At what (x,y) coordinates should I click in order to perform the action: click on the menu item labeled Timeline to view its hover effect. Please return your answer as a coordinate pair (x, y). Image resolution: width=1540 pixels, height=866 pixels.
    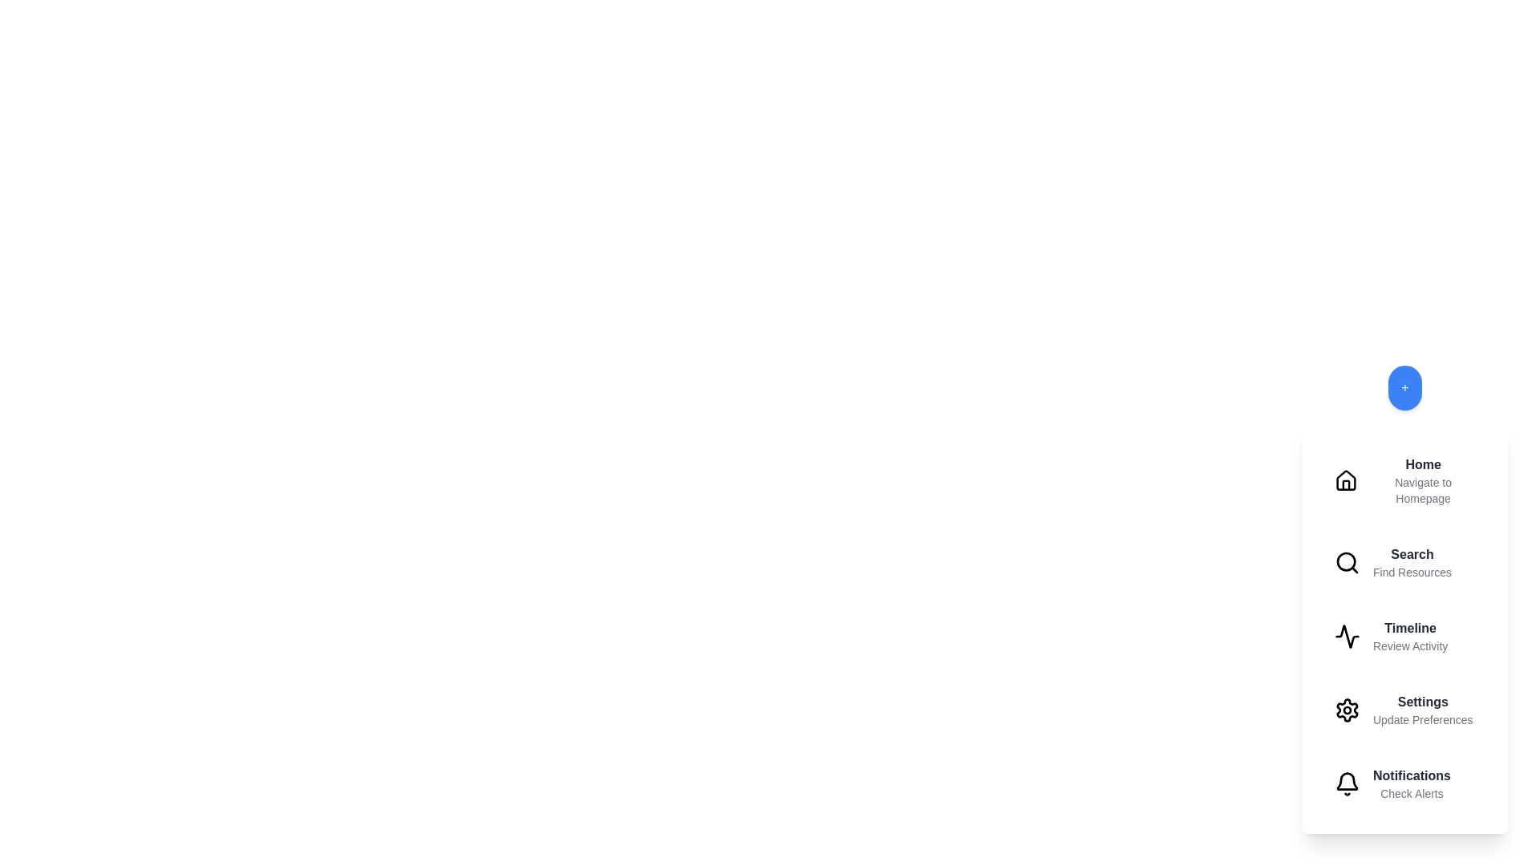
    Looking at the image, I should click on (1404, 636).